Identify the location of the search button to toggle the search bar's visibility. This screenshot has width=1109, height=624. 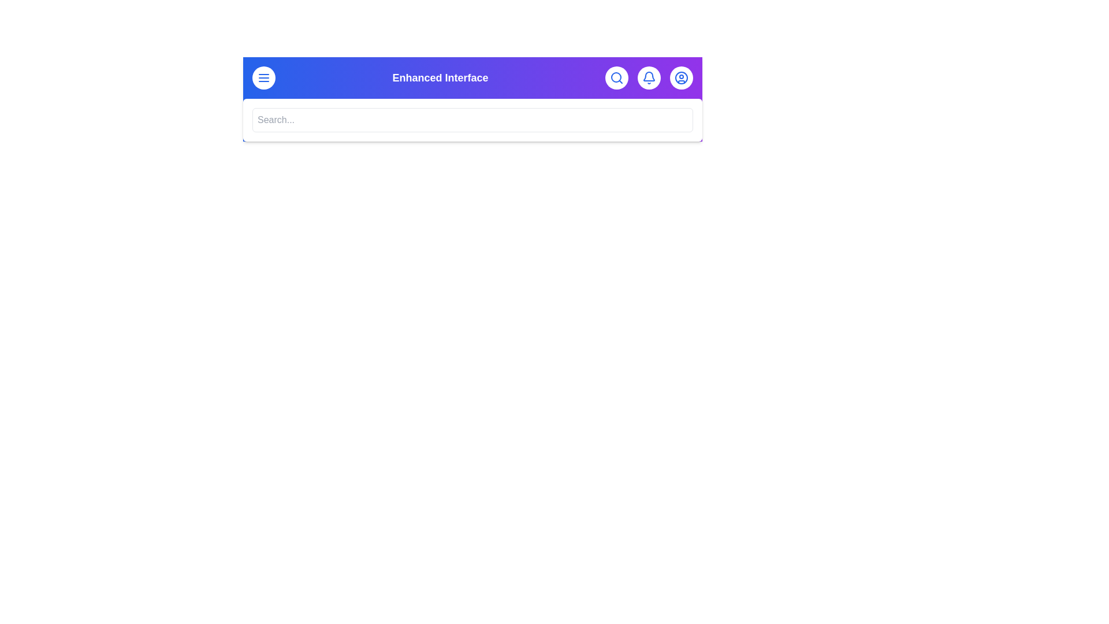
(616, 78).